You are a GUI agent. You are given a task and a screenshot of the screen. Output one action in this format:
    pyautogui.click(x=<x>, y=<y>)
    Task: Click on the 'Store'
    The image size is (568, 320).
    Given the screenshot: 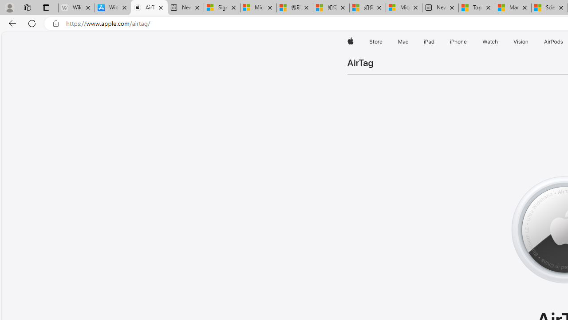 What is the action you would take?
    pyautogui.click(x=375, y=41)
    